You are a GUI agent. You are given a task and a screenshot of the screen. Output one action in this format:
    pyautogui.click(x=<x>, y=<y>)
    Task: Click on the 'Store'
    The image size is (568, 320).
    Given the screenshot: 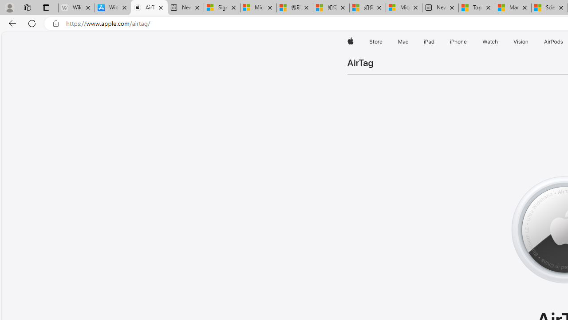 What is the action you would take?
    pyautogui.click(x=375, y=41)
    